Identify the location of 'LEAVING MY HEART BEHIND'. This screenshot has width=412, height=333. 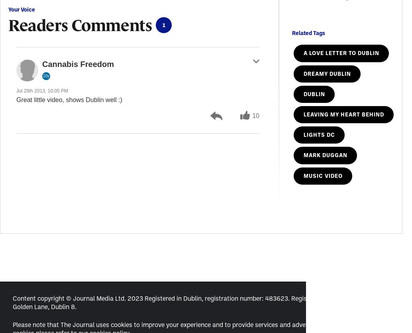
(303, 114).